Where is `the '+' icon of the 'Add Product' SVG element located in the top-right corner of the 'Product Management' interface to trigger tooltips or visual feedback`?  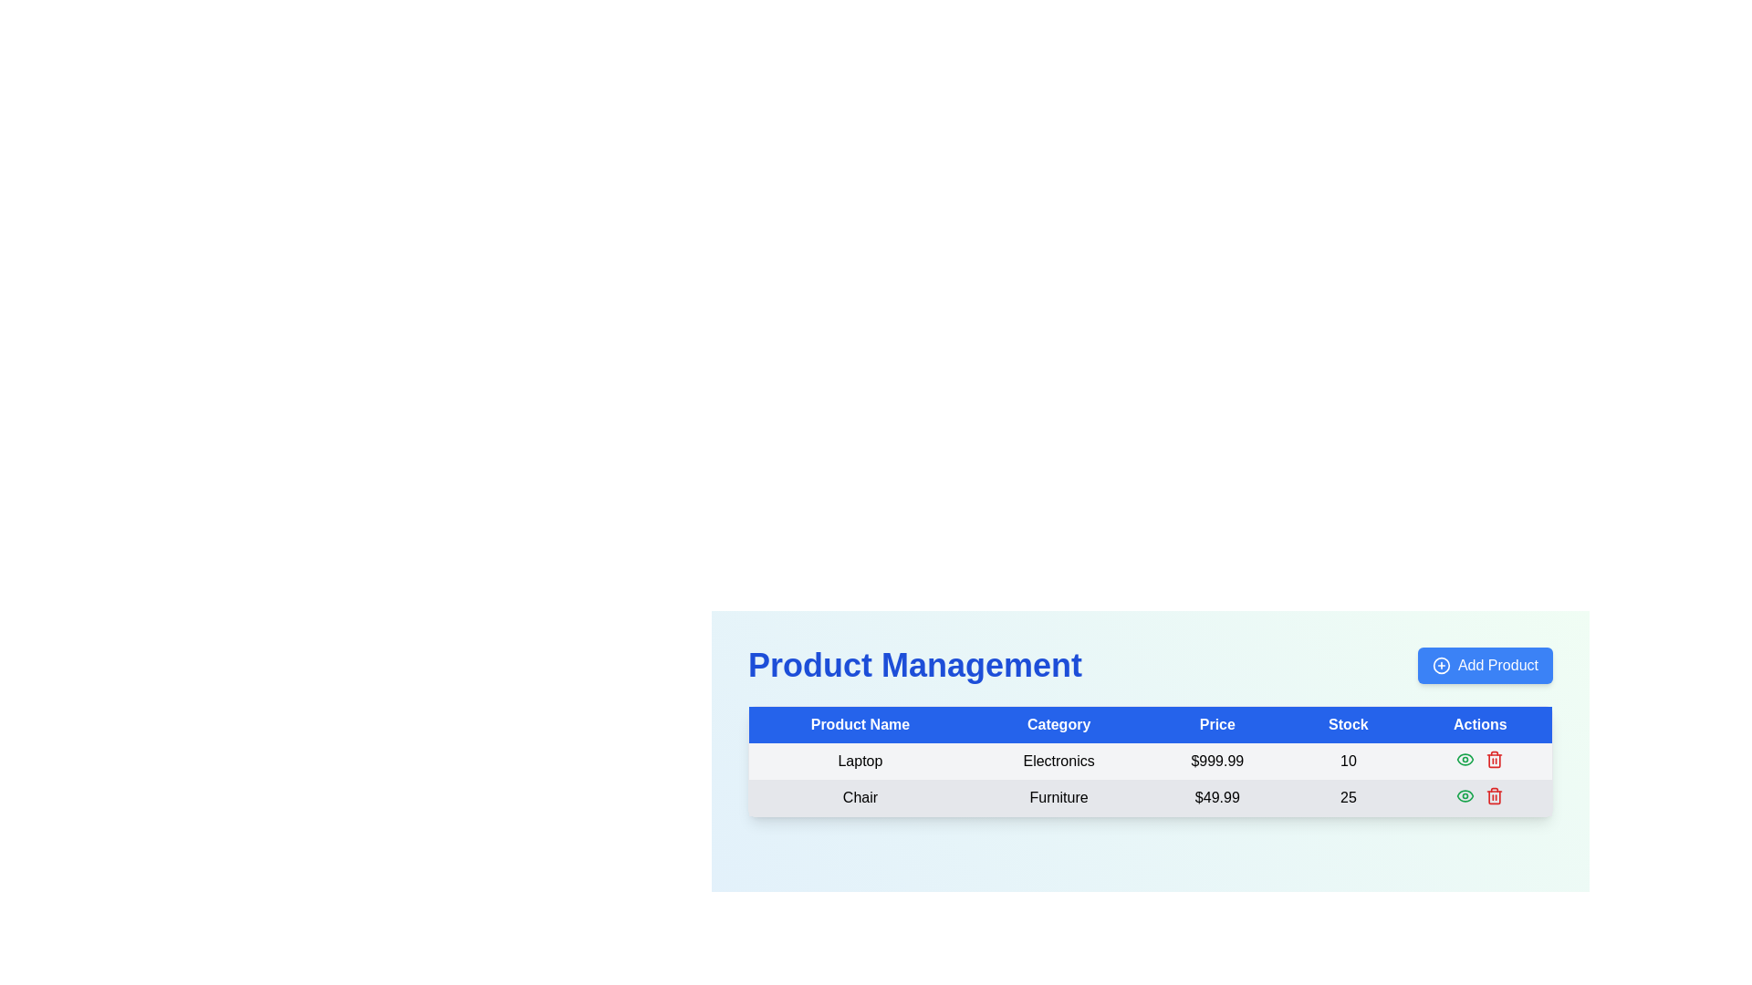
the '+' icon of the 'Add Product' SVG element located in the top-right corner of the 'Product Management' interface to trigger tooltips or visual feedback is located at coordinates (1440, 665).